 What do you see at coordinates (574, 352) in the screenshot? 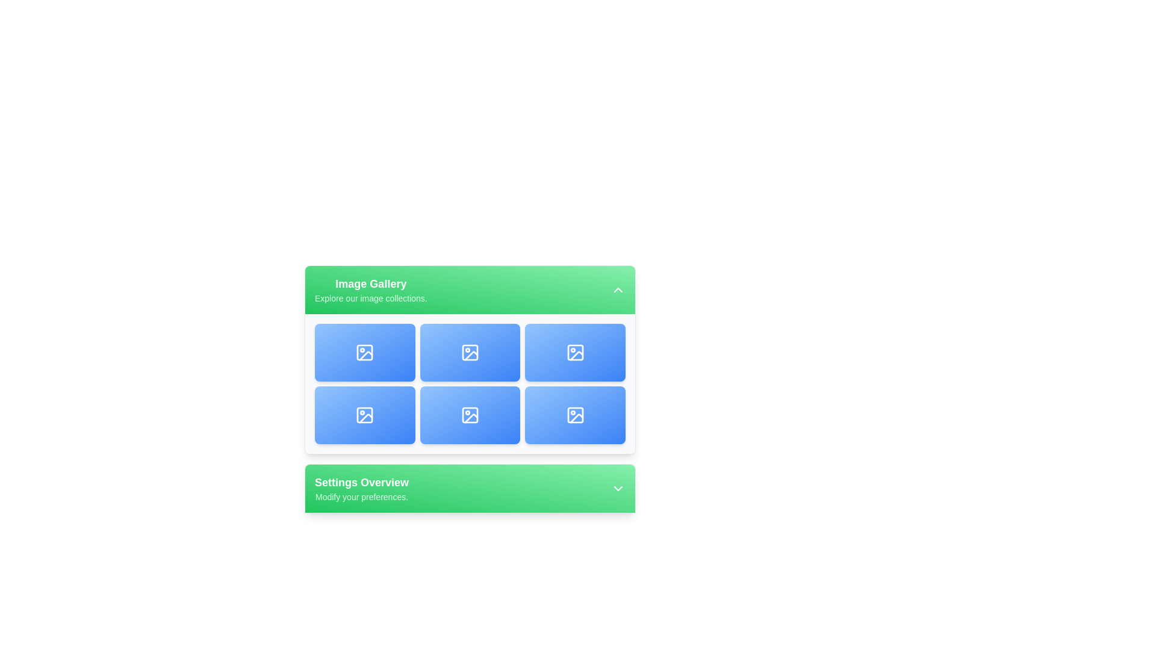
I see `the Image Icon, which is styled with a white color and located within a blue rectangular button in the bottom row, third column of the 'Image Gallery' section` at bounding box center [574, 352].